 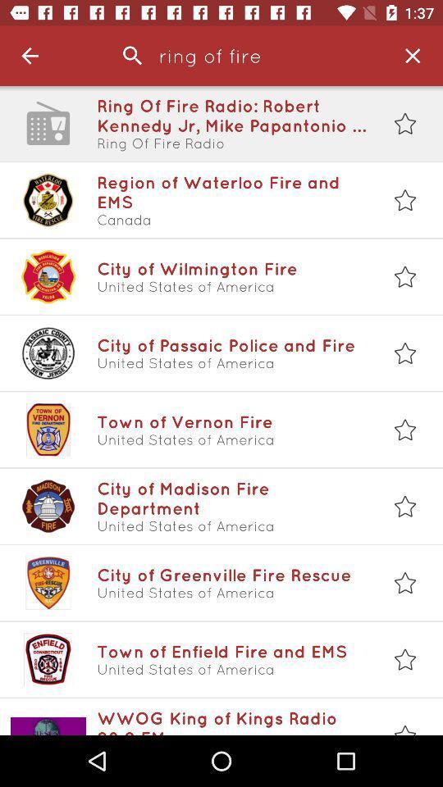 I want to click on wwog king of, so click(x=231, y=721).